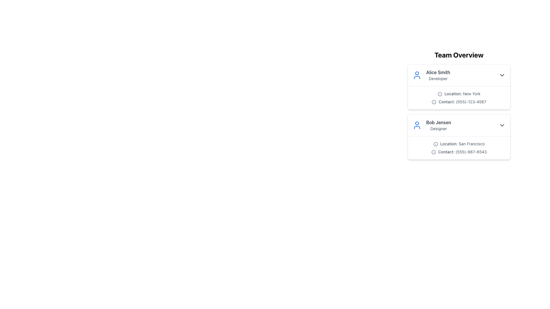 This screenshot has width=550, height=309. Describe the element at coordinates (438, 75) in the screenshot. I see `the two-line text label displaying 'Alice Smith' and 'Developer'` at that location.